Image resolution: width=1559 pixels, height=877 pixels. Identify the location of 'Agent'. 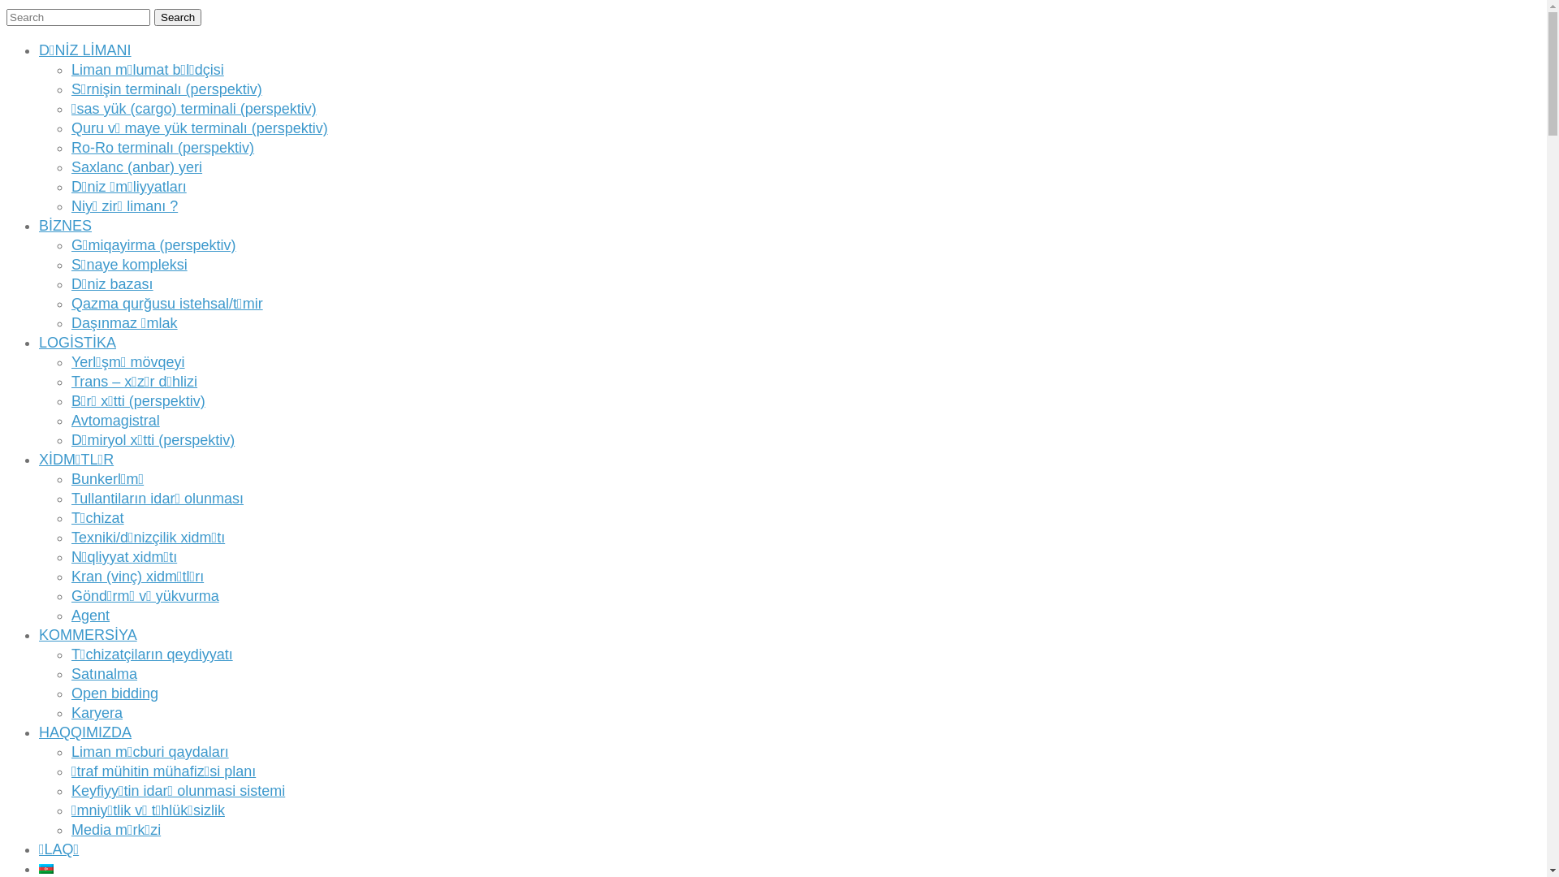
(89, 616).